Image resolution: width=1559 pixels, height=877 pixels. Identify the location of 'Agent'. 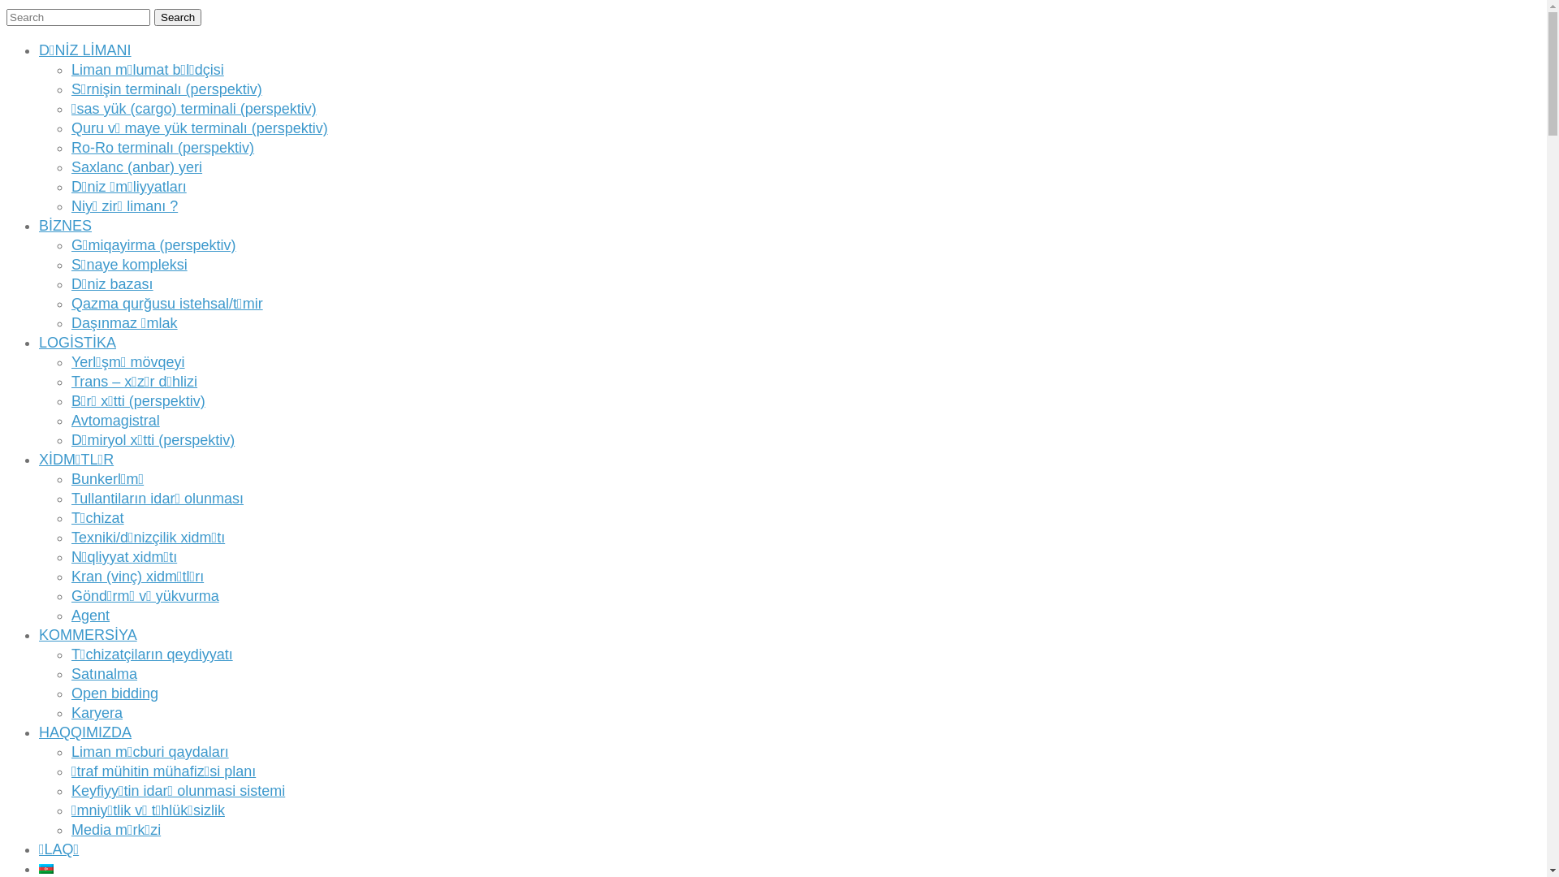
(89, 616).